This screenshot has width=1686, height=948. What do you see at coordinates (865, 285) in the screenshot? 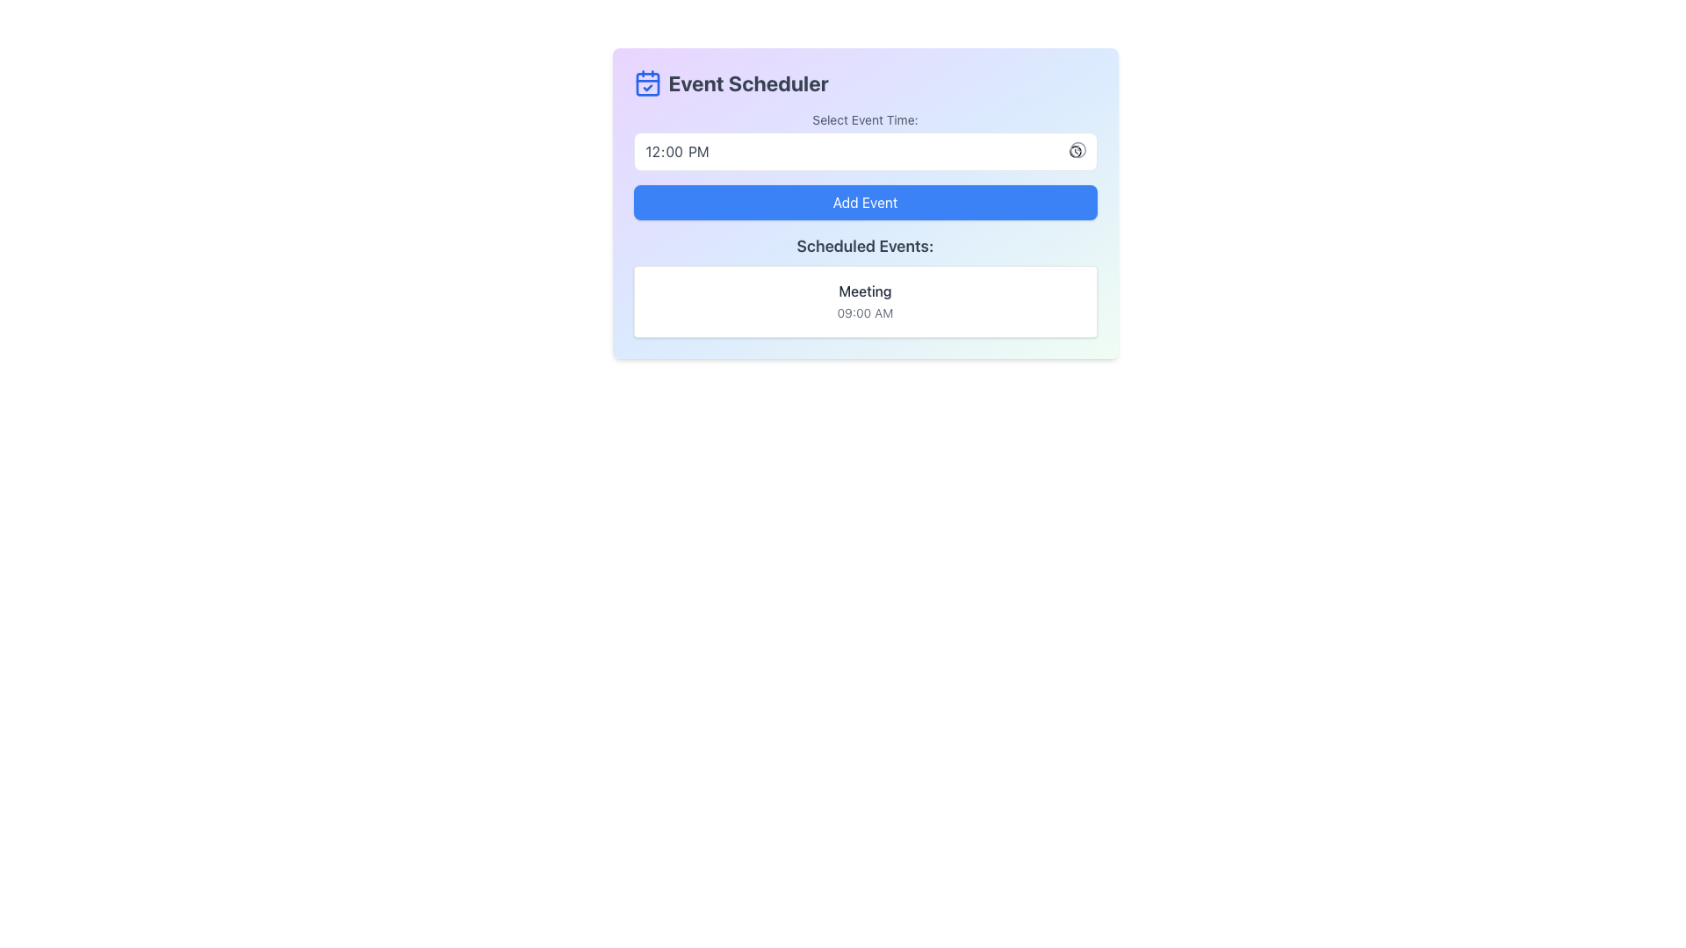
I see `the informational text display that lists scheduled events, positioned below the header 'Scheduled Events:' and above the text 'Meeting' and '09:00 AM.'` at bounding box center [865, 285].